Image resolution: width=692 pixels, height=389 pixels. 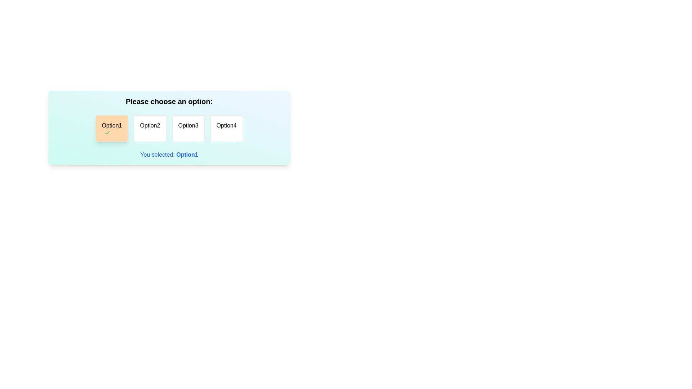 What do you see at coordinates (187, 154) in the screenshot?
I see `the bold blue text label displaying 'Option1' which is part of the sentence 'You selected: Option1' located under a set of selectable options` at bounding box center [187, 154].